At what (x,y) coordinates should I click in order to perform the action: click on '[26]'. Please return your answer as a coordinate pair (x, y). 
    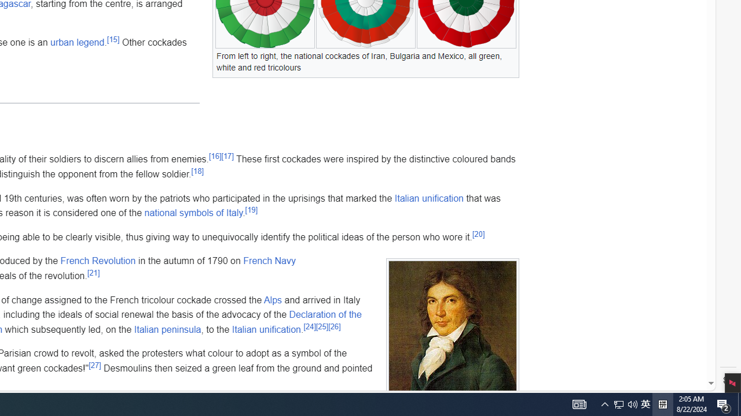
    Looking at the image, I should click on (333, 326).